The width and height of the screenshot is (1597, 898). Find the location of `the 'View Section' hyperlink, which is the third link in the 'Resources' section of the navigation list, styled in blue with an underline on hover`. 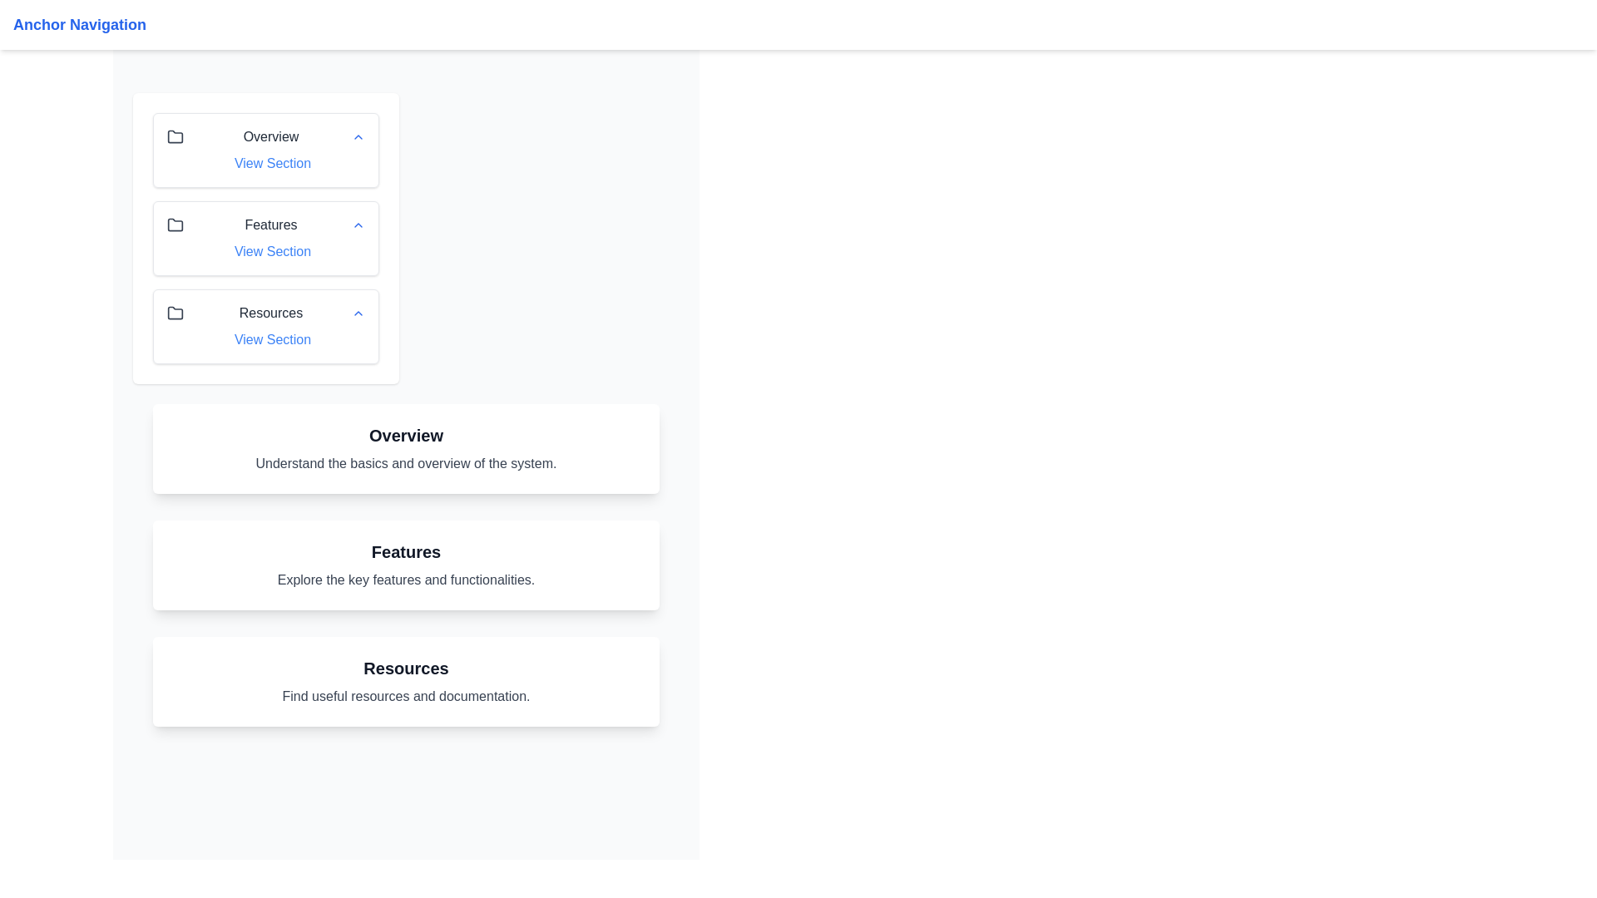

the 'View Section' hyperlink, which is the third link in the 'Resources' section of the navigation list, styled in blue with an underline on hover is located at coordinates (272, 338).